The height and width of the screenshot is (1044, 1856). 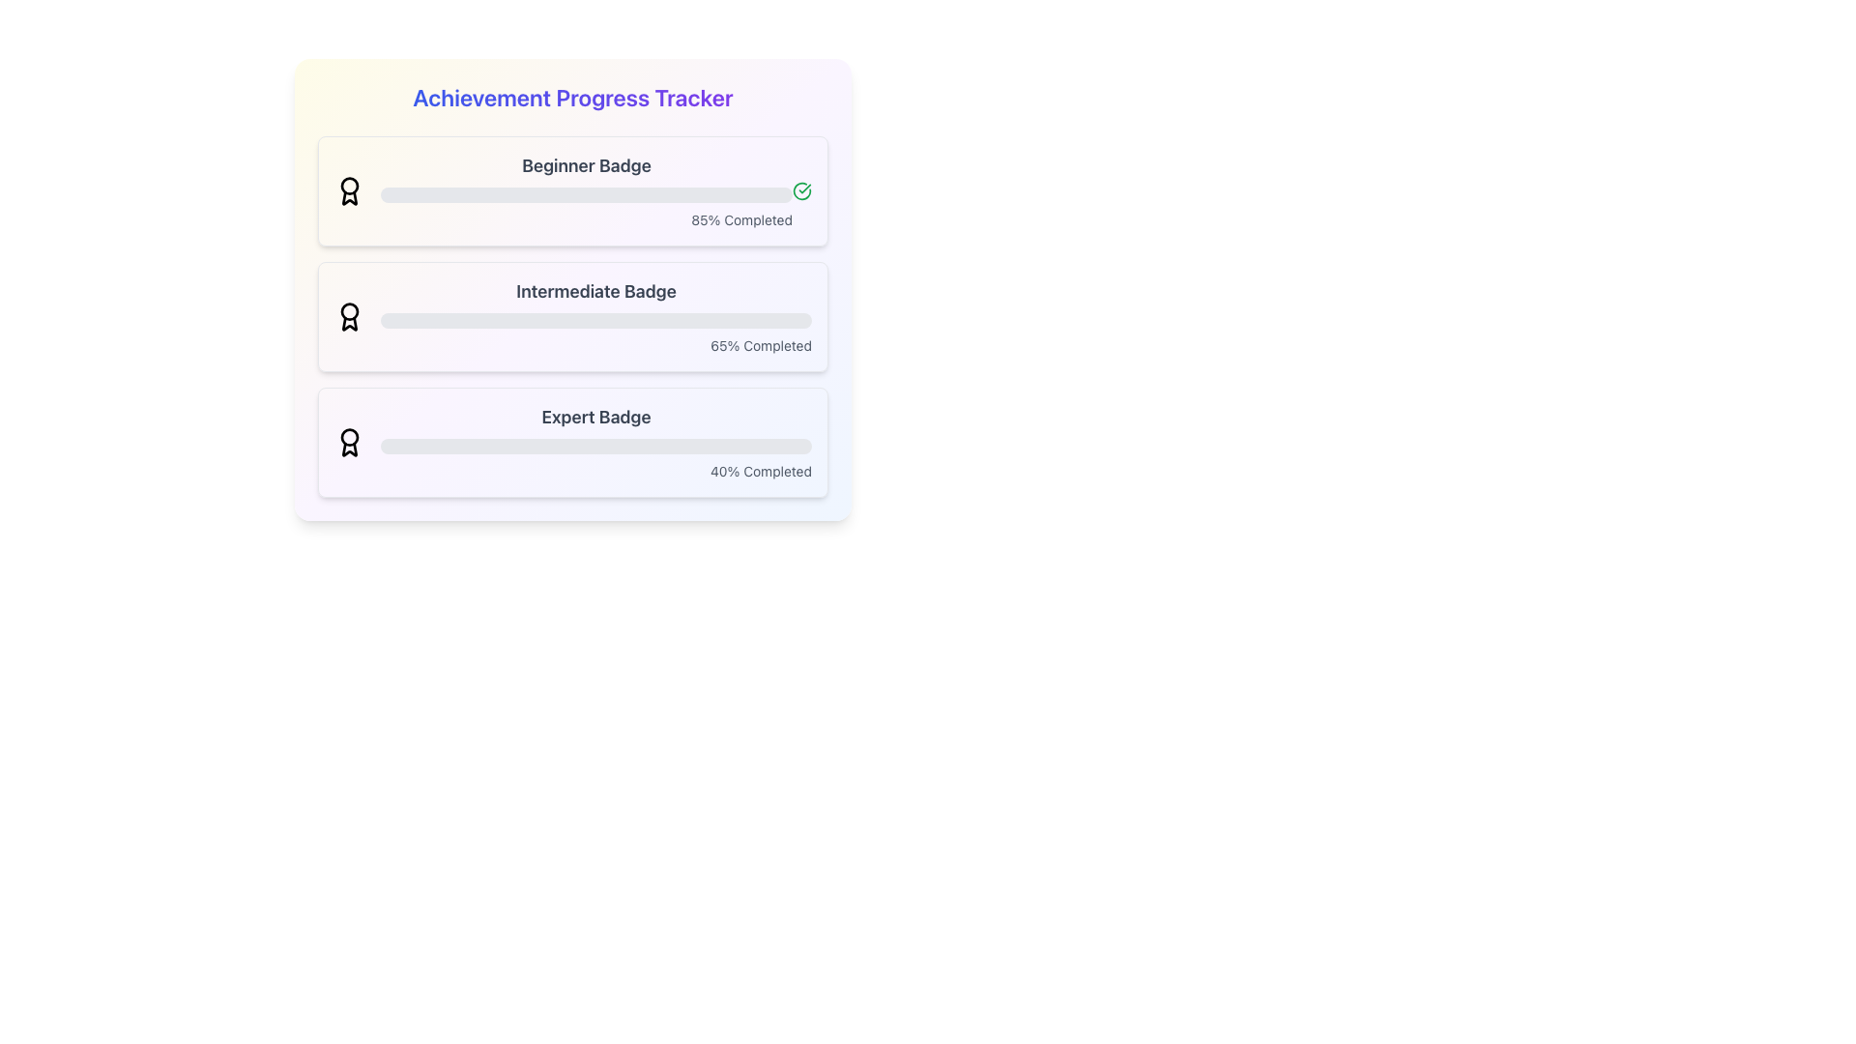 I want to click on the Progress Indicator element, which is a yellow rectangular bar with rounded edges indicating progress in the Intermediate Badge section of the achievement tracker, so click(x=520, y=319).